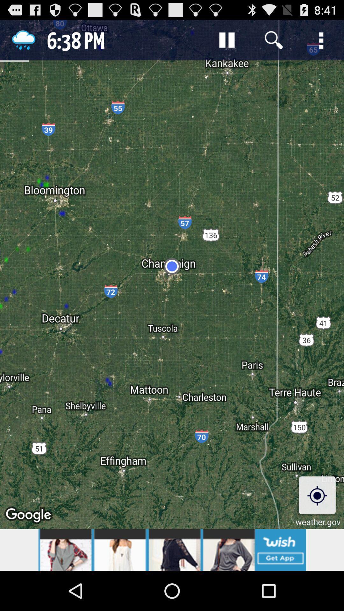  Describe the element at coordinates (172, 550) in the screenshot. I see `advertising app` at that location.